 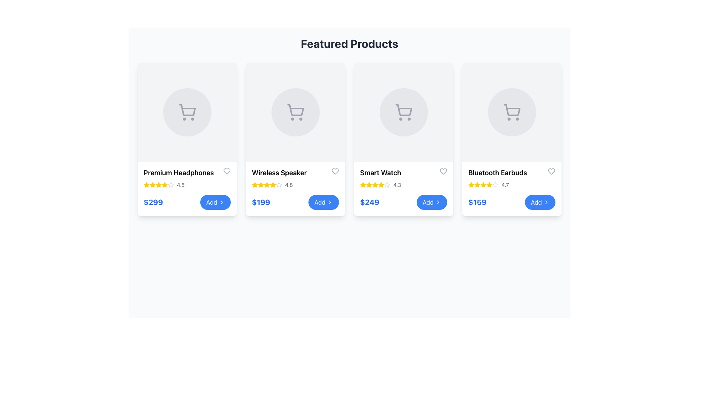 I want to click on the first star-shaped Rating icon filled with yellow color below the product name 'Premium Headphones', so click(x=164, y=185).